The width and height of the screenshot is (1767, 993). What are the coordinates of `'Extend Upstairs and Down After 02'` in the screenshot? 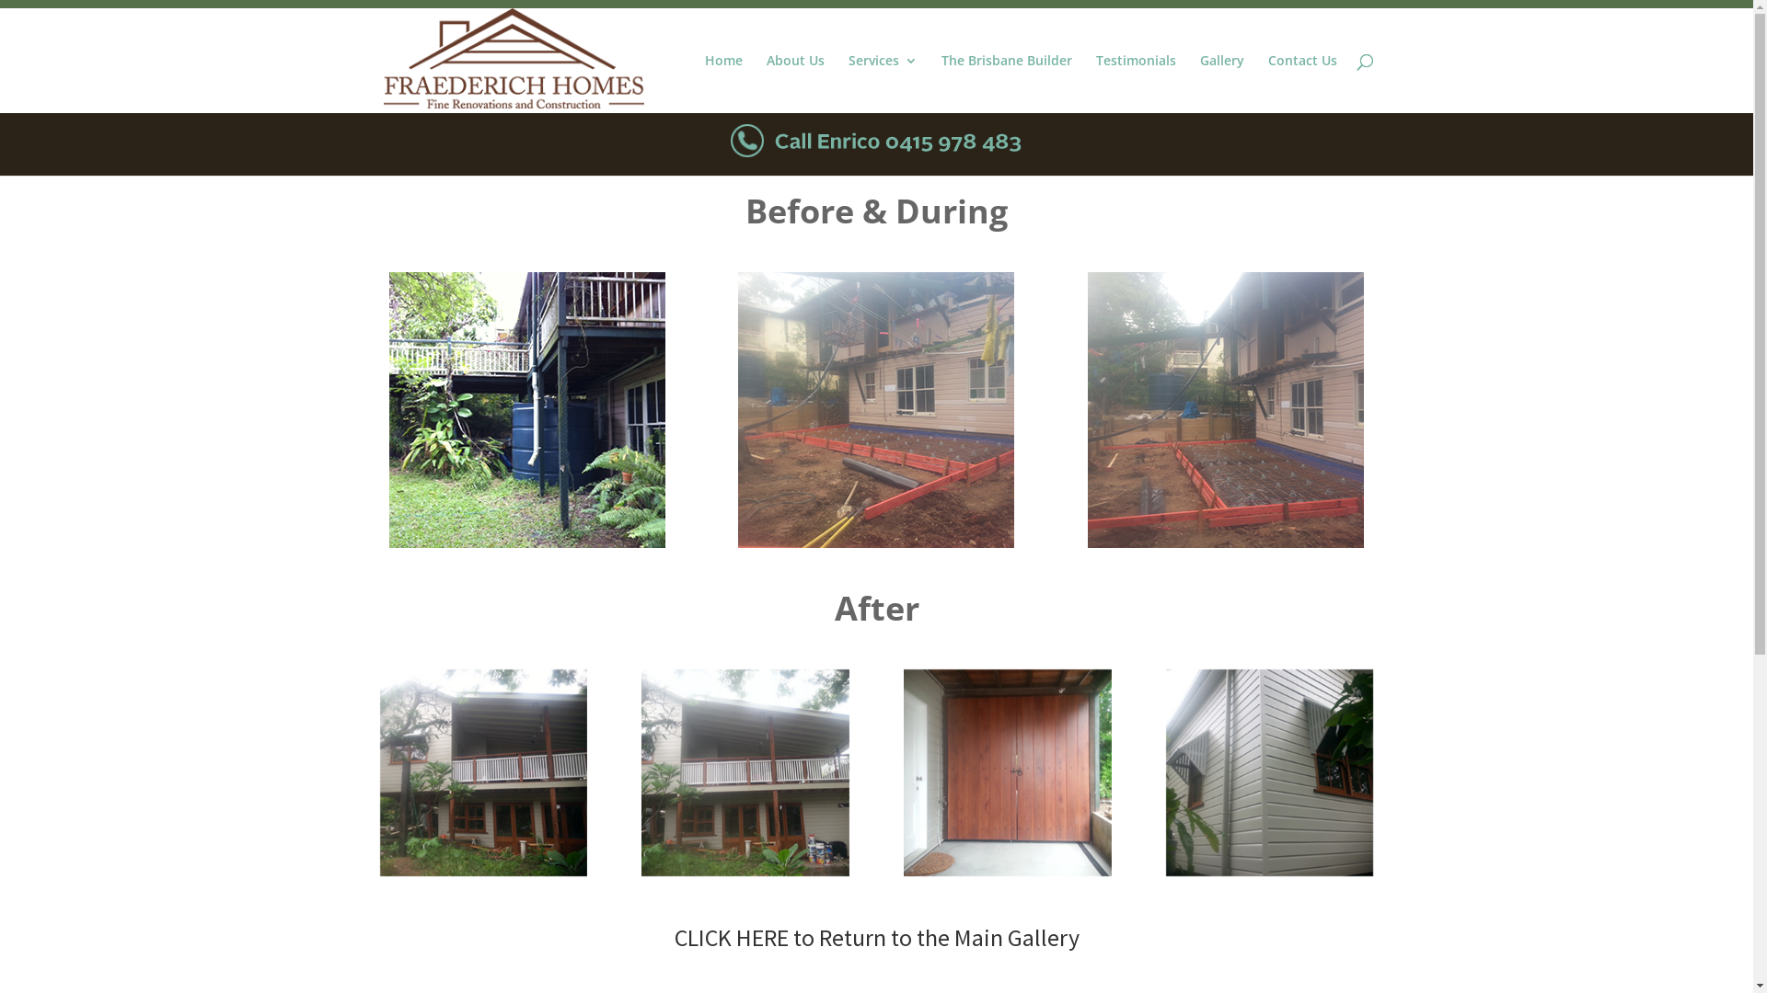 It's located at (745, 772).